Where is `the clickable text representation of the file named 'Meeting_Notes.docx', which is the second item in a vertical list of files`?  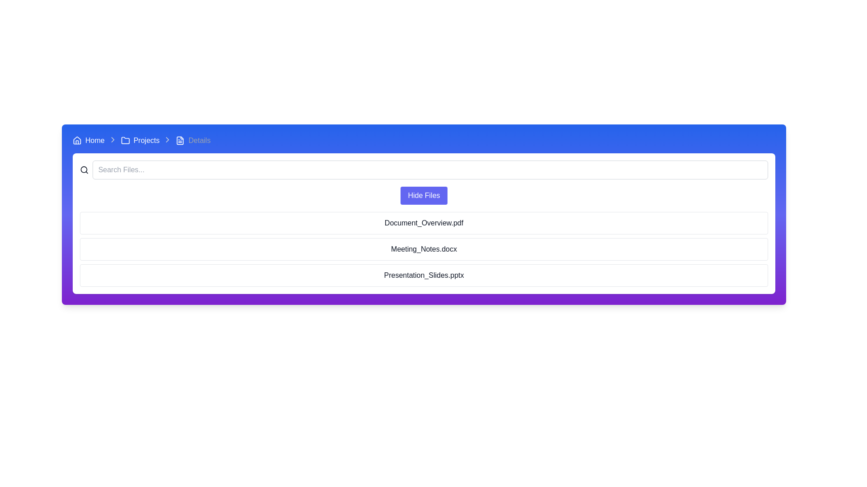
the clickable text representation of the file named 'Meeting_Notes.docx', which is the second item in a vertical list of files is located at coordinates (424, 249).